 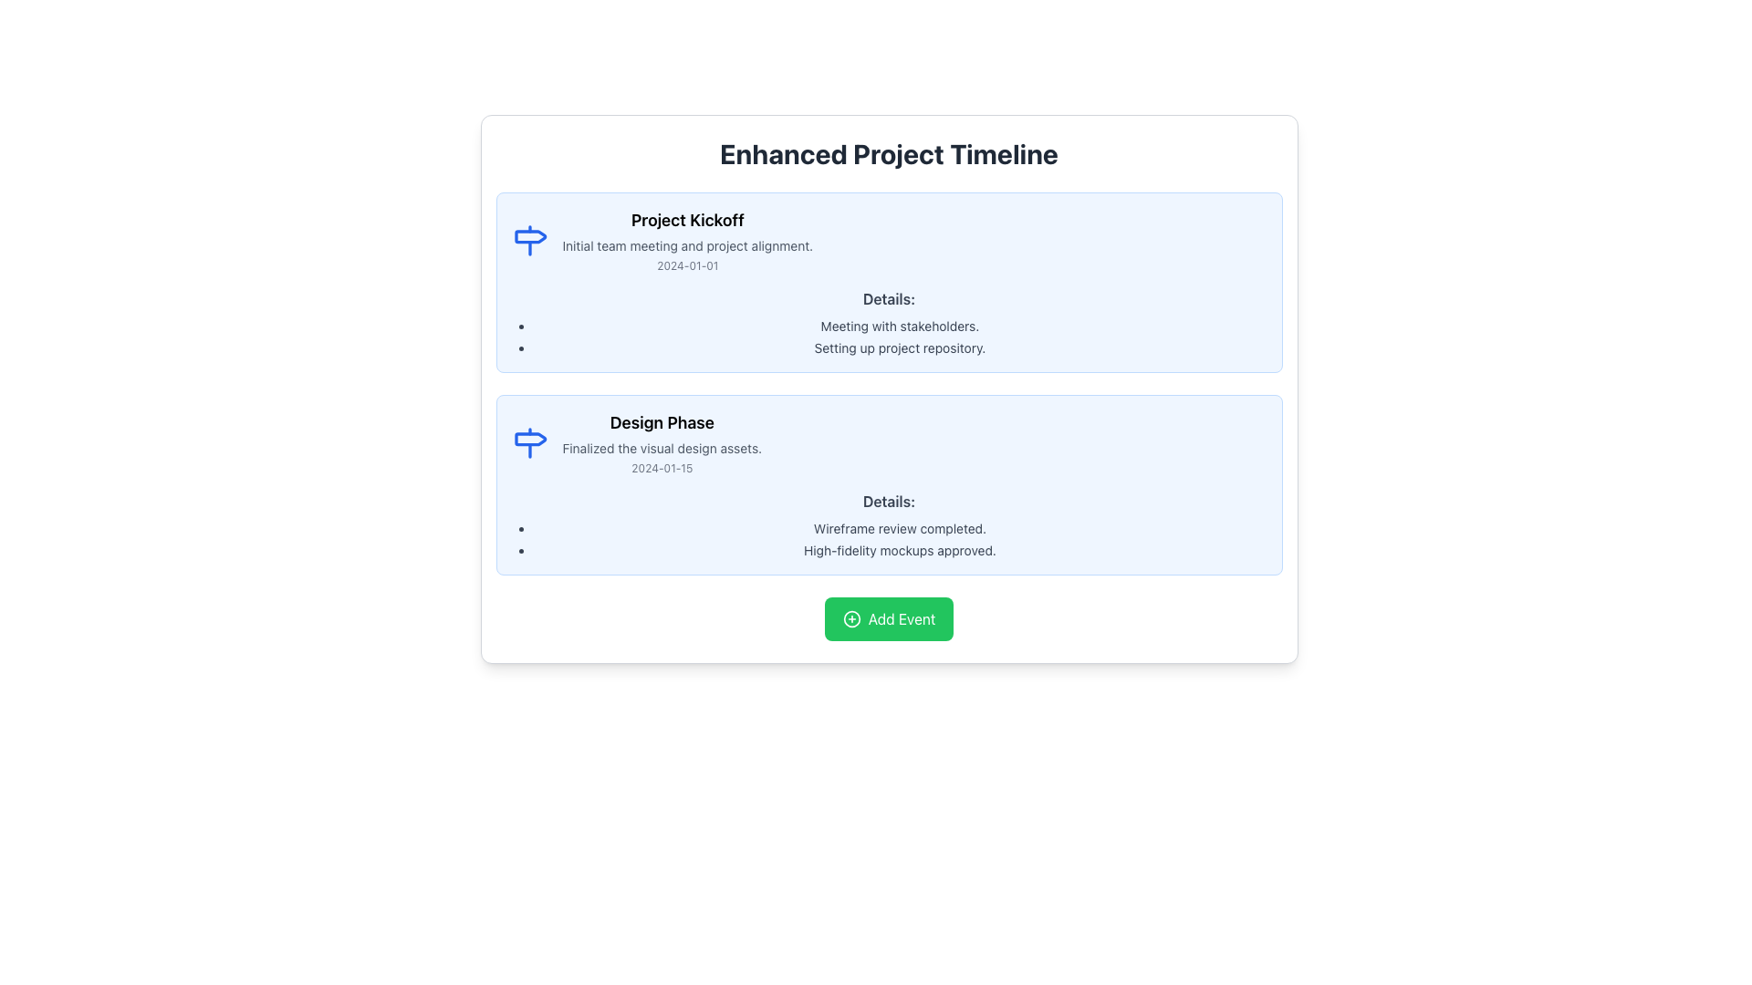 I want to click on the header label that introduces the details in the 'Project Kickoff' section, located above the list of details and centered horizontally within the card, so click(x=889, y=297).